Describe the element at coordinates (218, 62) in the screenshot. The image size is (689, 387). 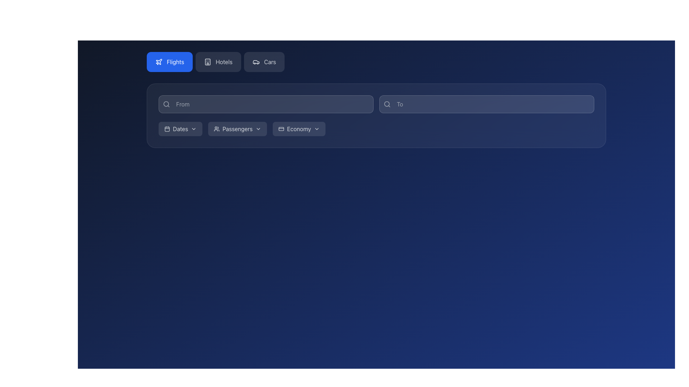
I see `the second navigation button that switches to the Hotels section of the application` at that location.